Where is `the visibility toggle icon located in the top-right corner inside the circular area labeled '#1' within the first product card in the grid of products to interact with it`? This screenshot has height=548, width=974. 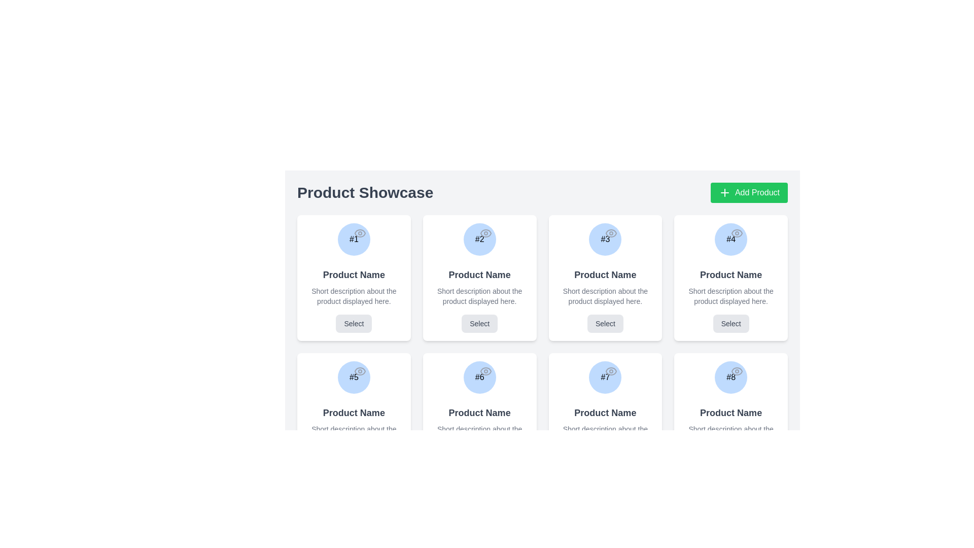 the visibility toggle icon located in the top-right corner inside the circular area labeled '#1' within the first product card in the grid of products to interact with it is located at coordinates (360, 233).